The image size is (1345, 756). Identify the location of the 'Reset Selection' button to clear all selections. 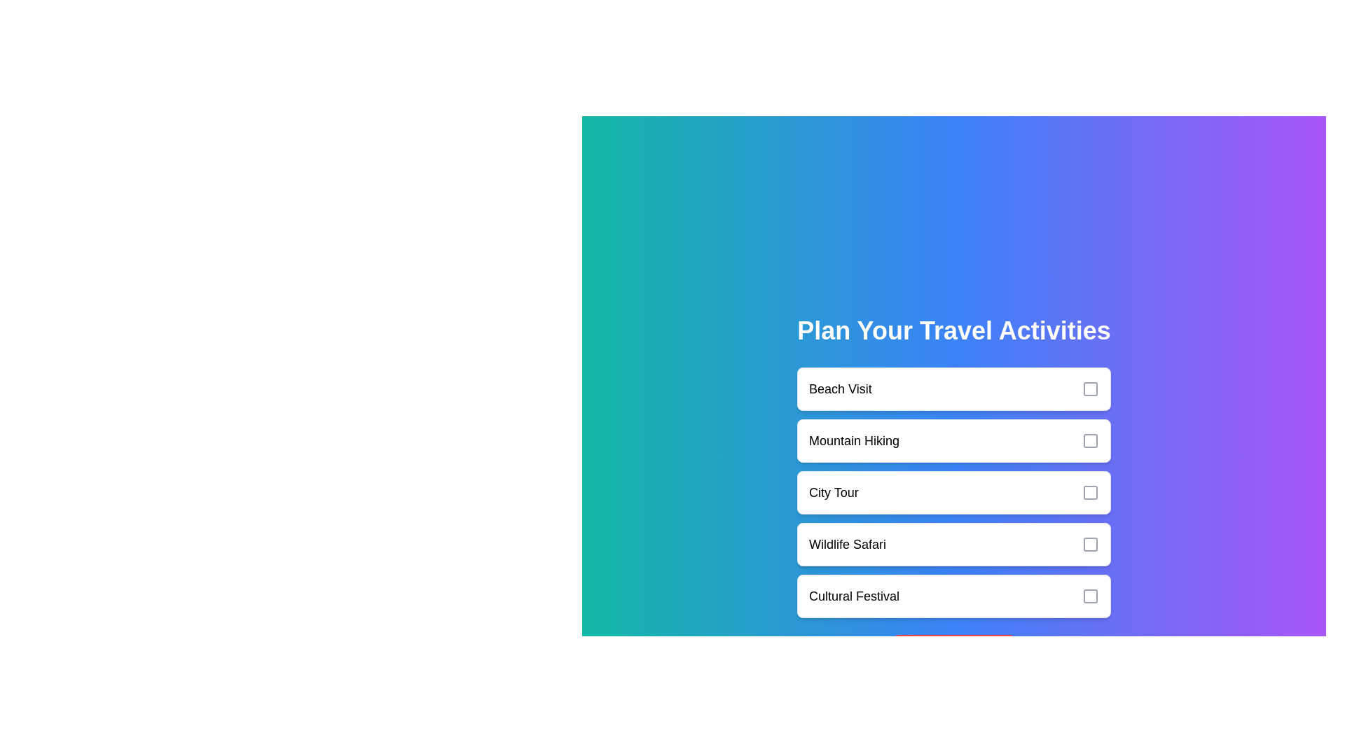
(953, 653).